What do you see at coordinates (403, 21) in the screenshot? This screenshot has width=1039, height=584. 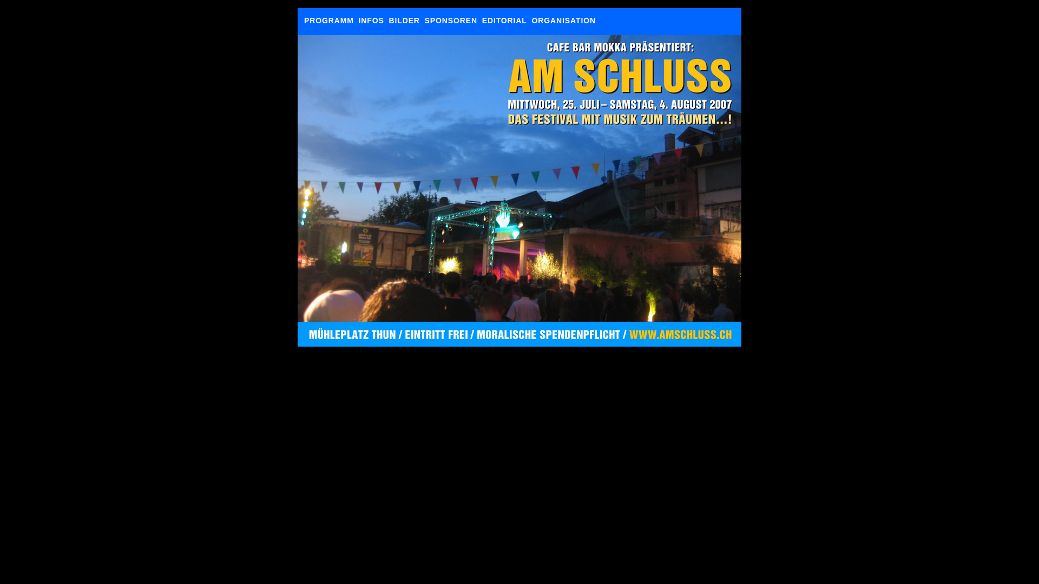 I see `'BILDER'` at bounding box center [403, 21].